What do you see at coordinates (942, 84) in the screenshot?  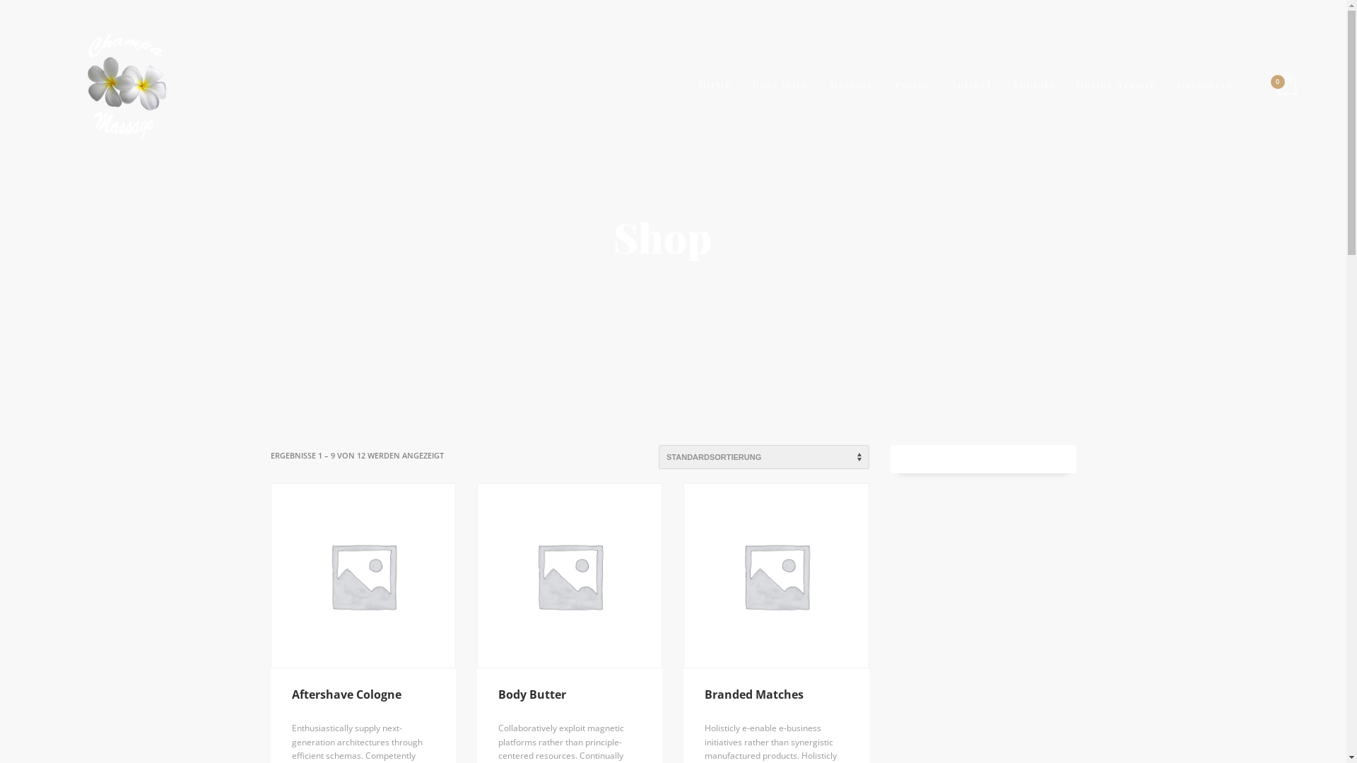 I see `'Anfahrt'` at bounding box center [942, 84].